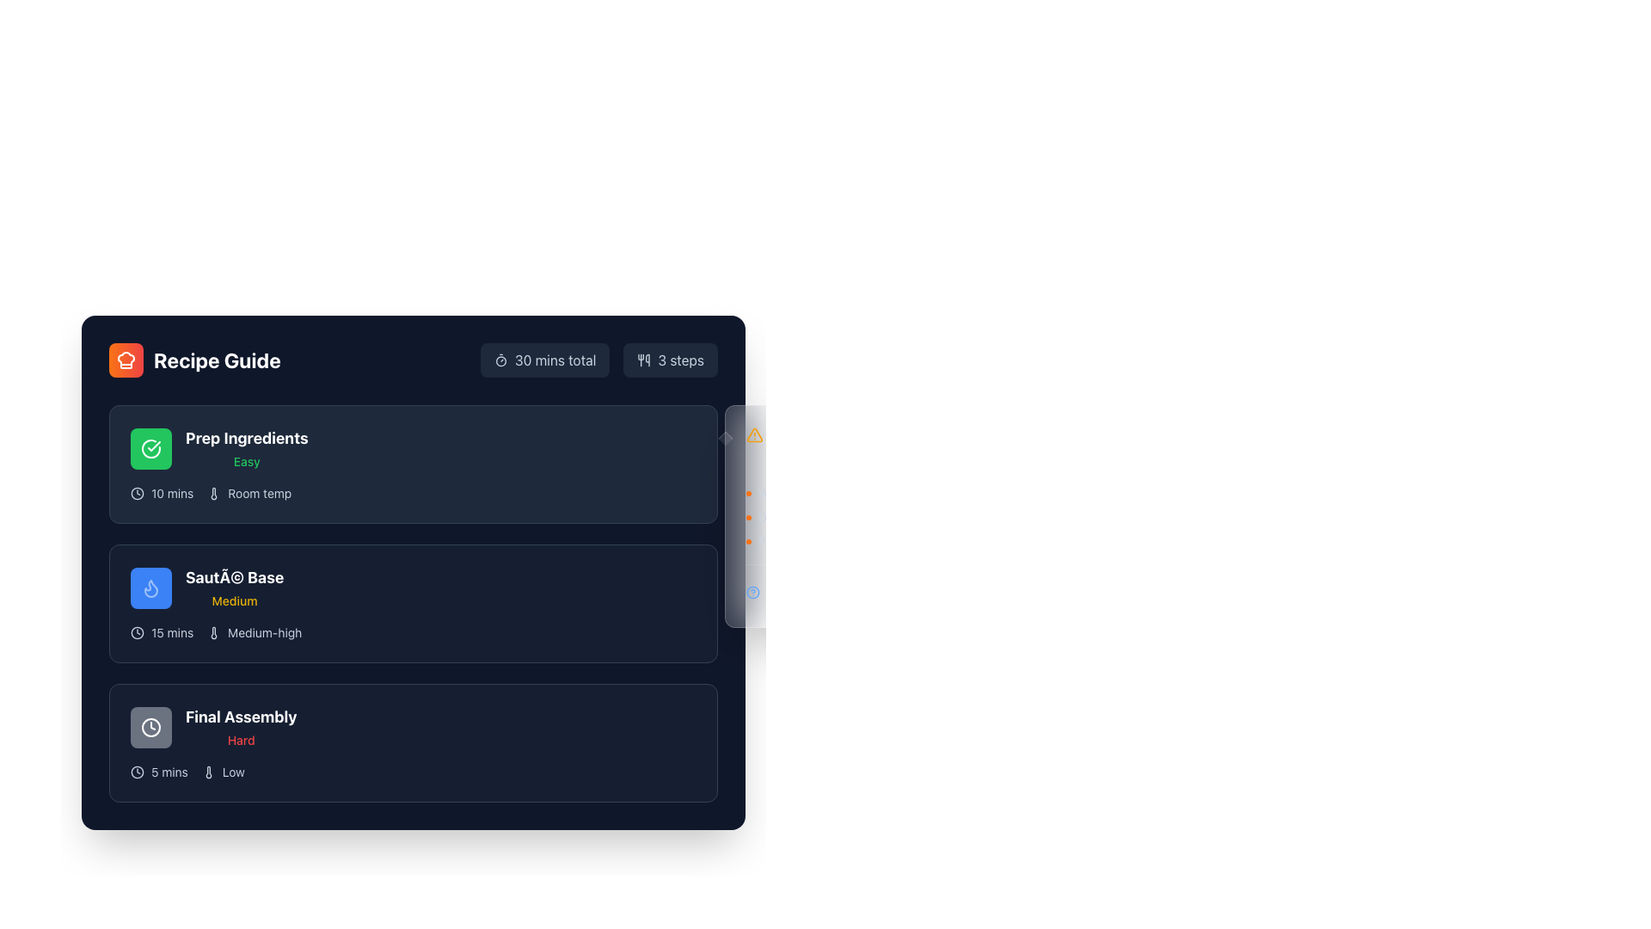  I want to click on the title text label that indicates the subject or task name, positioned above the text 'Hard' in a vertically aligned list of steps, so click(240, 717).